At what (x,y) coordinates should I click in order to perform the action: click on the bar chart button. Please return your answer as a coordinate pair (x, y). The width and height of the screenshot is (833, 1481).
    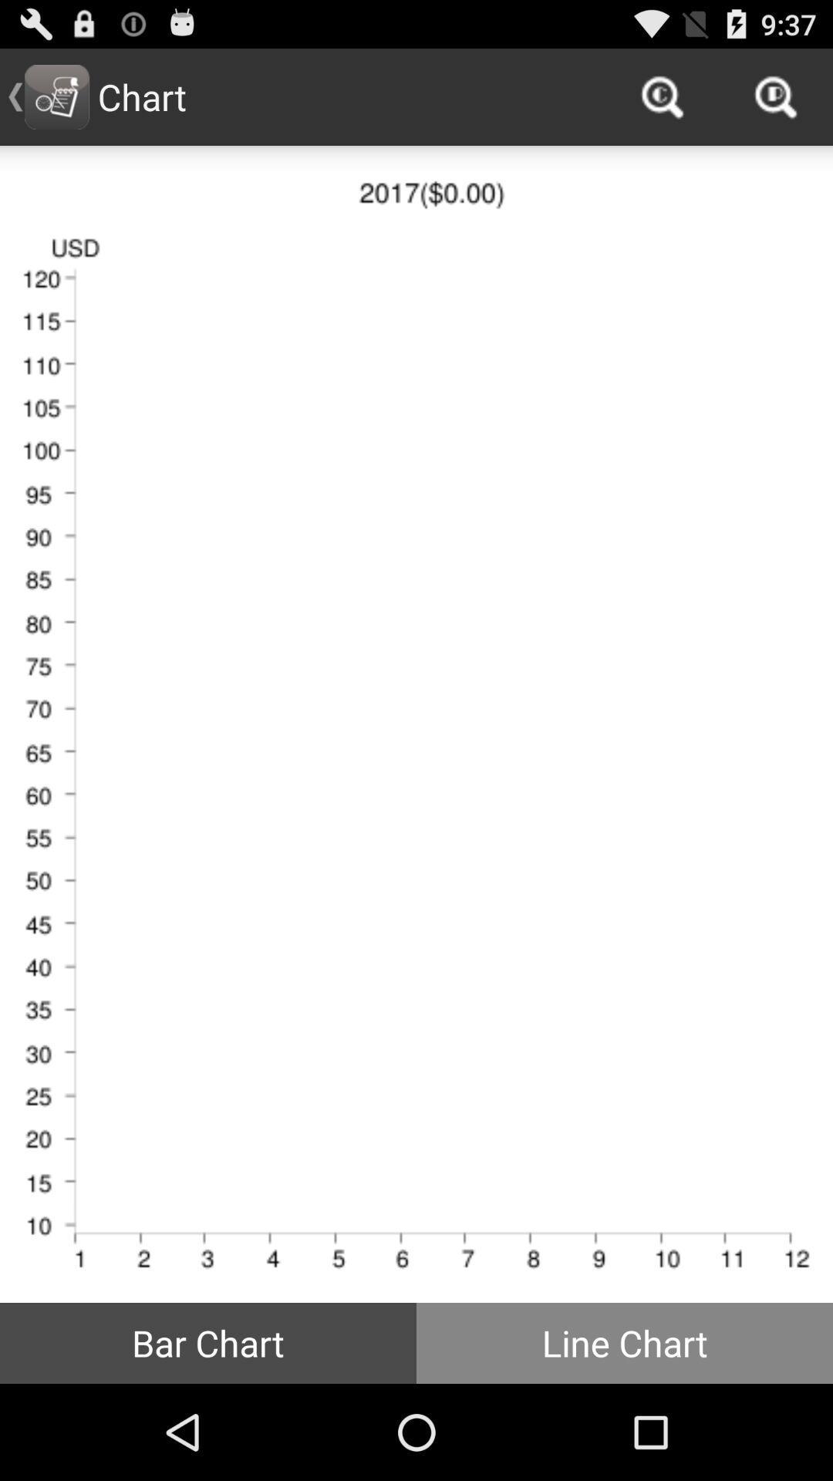
    Looking at the image, I should click on (208, 1342).